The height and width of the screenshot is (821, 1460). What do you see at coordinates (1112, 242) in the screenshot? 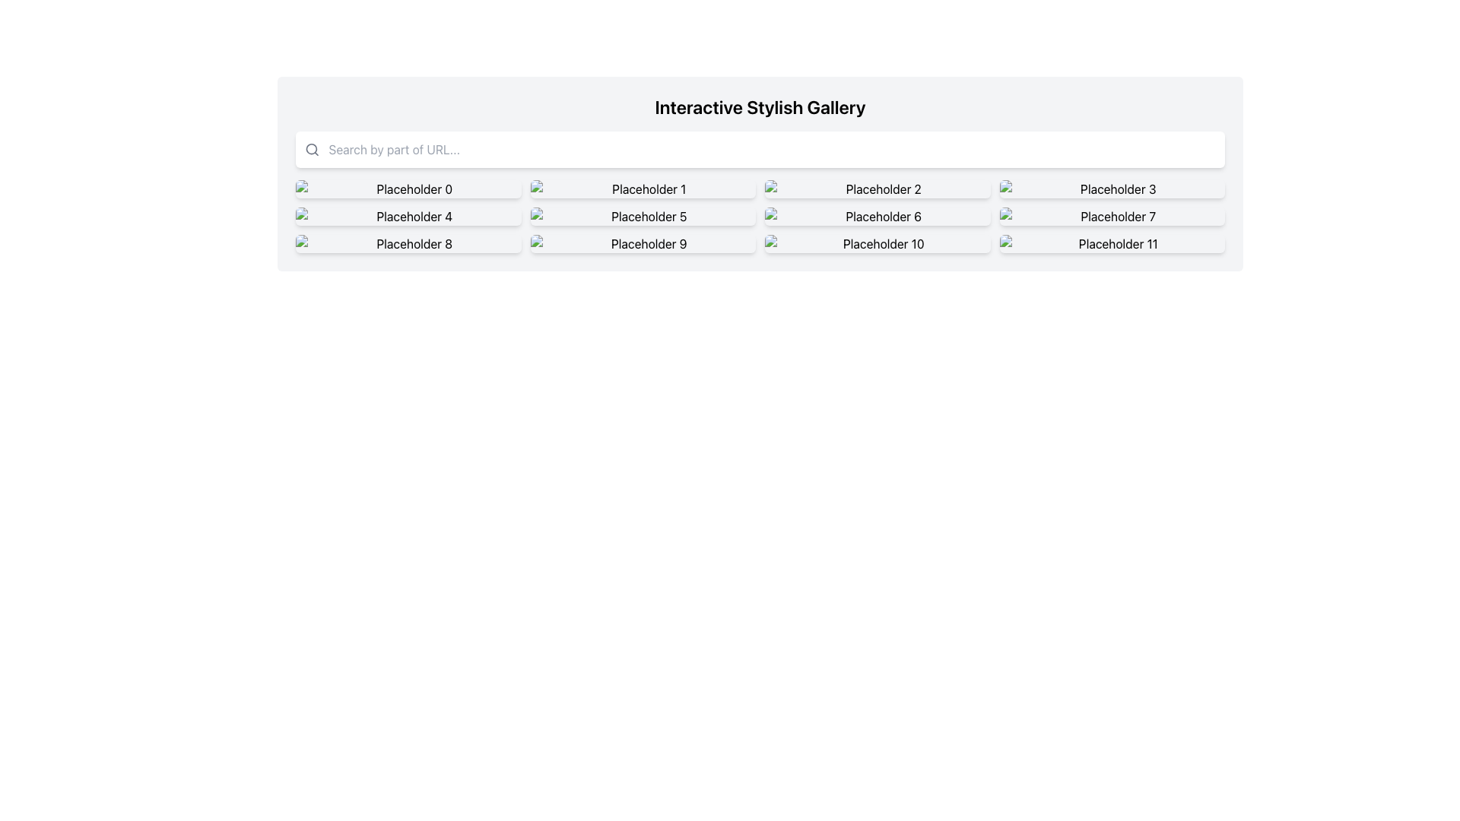
I see `the image labeled 'Placeholder 11' which is located` at bounding box center [1112, 242].